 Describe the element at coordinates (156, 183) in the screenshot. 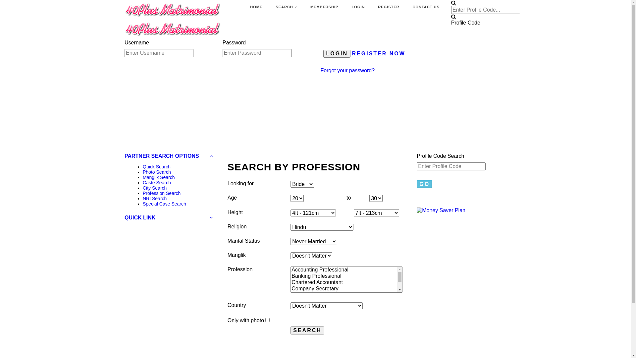

I see `'Caste Search'` at that location.